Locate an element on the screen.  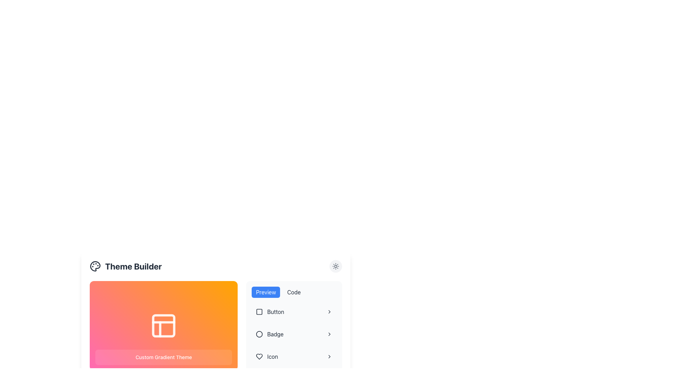
the Label or Informational Box that describes the theme of the card with the text 'Custom Gradient Theme', located at the bottom of the gradient-themed card is located at coordinates (163, 357).